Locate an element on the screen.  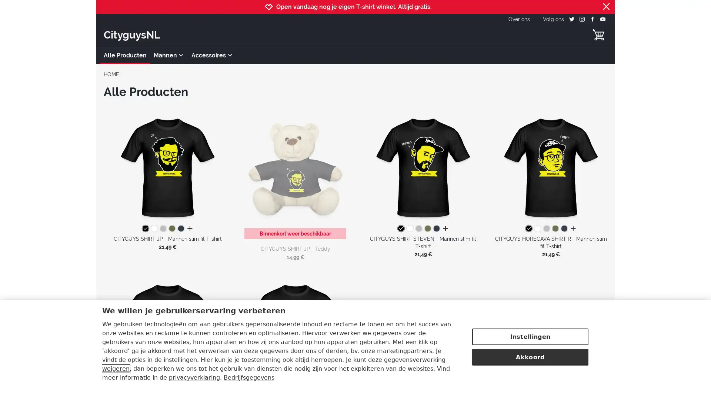
CITYGUYS SHIRT JP - Mannen slim fit T-shirt is located at coordinates (167, 166).